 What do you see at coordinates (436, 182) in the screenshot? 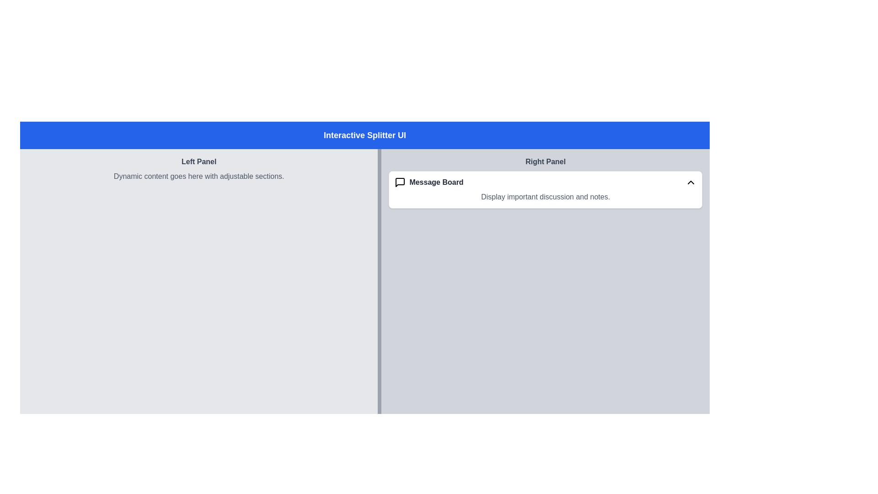
I see `the 'Message Board' text label in bold dark gray color located in the right panel` at bounding box center [436, 182].